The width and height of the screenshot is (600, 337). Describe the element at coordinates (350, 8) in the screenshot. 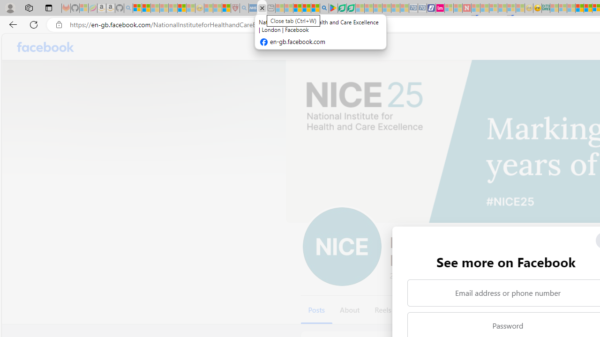

I see `'Microsoft Word - consumer-privacy address update 2.2021'` at that location.